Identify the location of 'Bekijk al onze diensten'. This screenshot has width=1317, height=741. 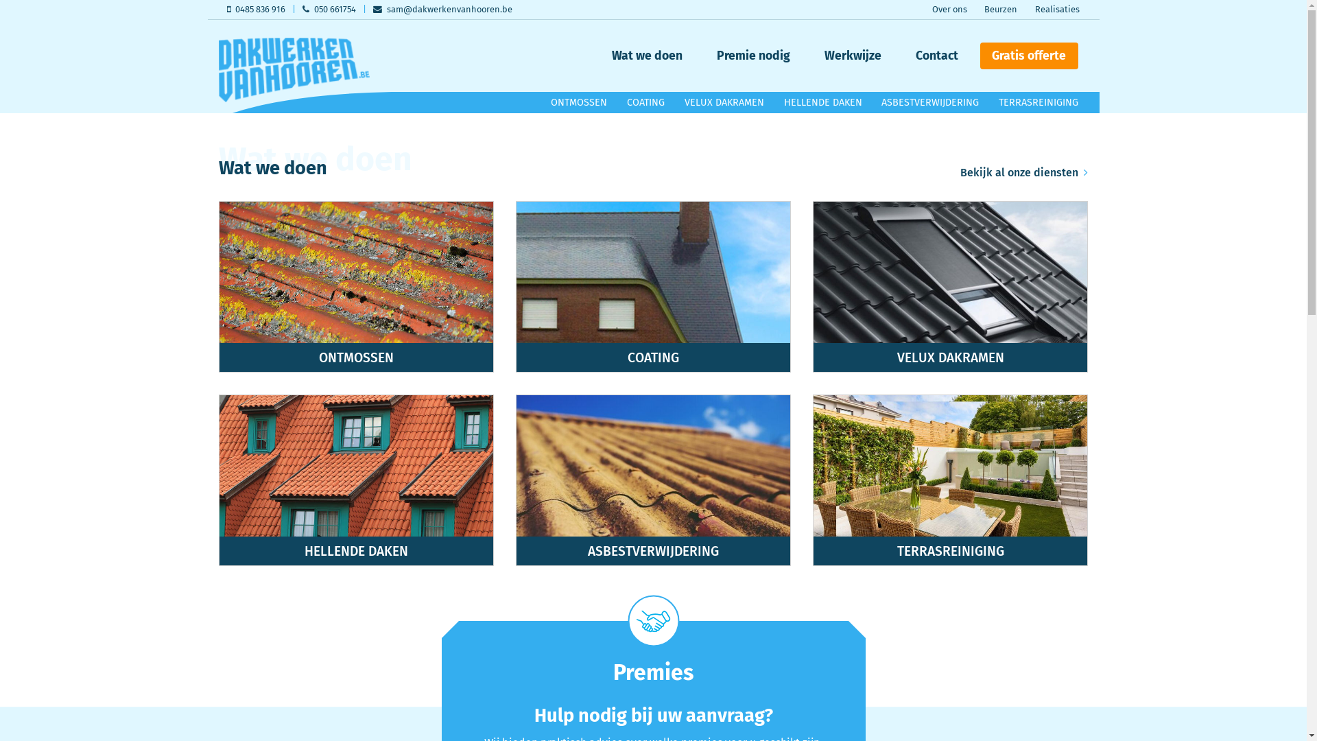
(960, 172).